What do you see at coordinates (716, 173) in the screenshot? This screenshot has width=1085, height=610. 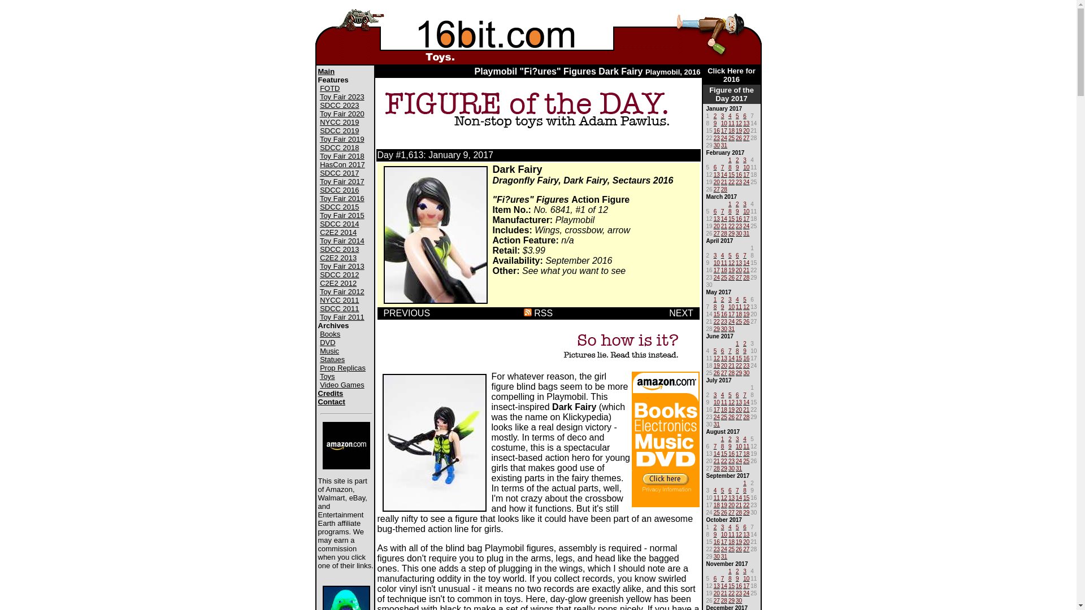 I see `'13'` at bounding box center [716, 173].